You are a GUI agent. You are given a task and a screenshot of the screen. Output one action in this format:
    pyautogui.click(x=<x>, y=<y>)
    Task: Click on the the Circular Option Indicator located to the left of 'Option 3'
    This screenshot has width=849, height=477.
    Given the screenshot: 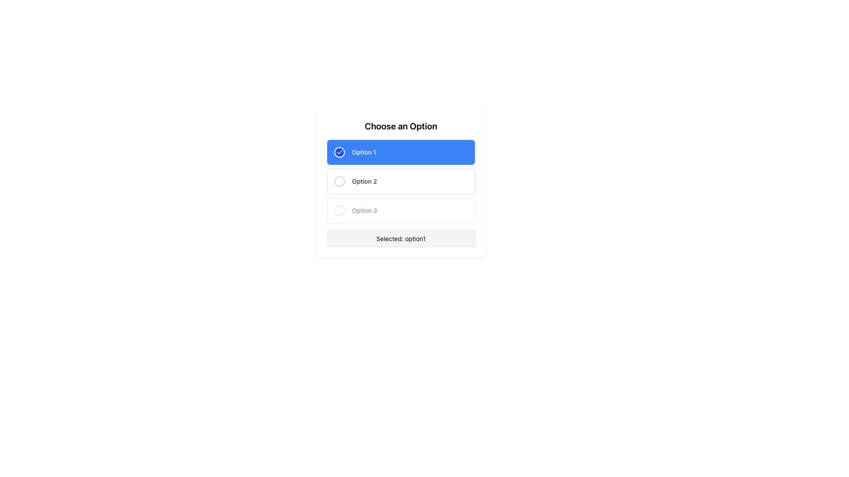 What is the action you would take?
    pyautogui.click(x=339, y=211)
    